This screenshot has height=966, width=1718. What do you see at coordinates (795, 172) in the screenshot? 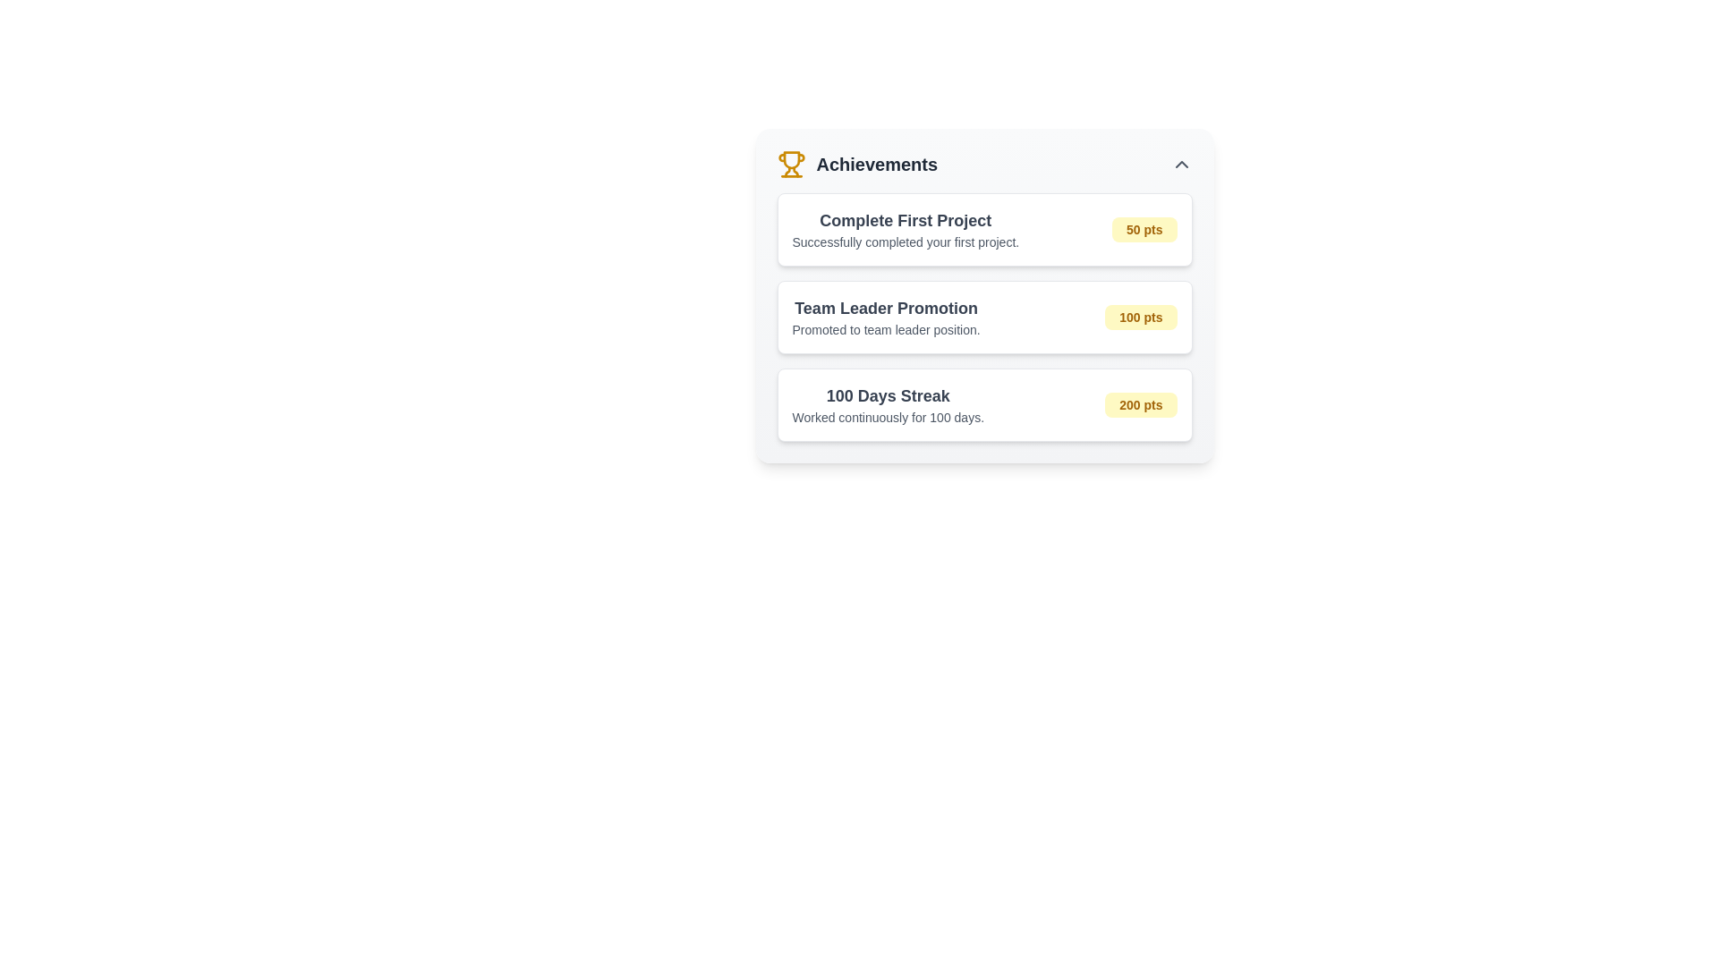
I see `the right base curve of the trophy icon in the Achievements section, which is styled in yellow and located near the upper left of the interface` at bounding box center [795, 172].